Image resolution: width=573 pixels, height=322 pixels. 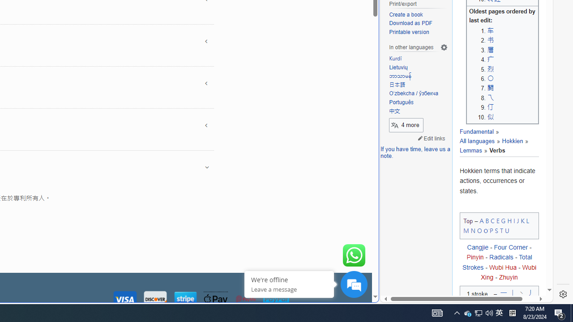 I want to click on 'Create a book', so click(x=418, y=15).